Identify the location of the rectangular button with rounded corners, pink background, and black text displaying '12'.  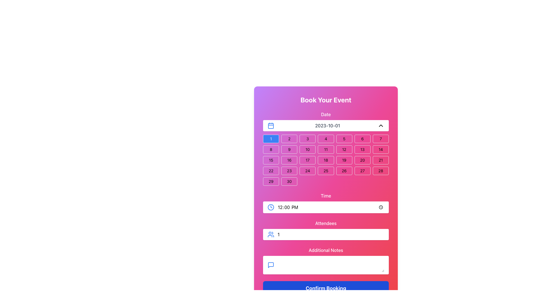
(344, 149).